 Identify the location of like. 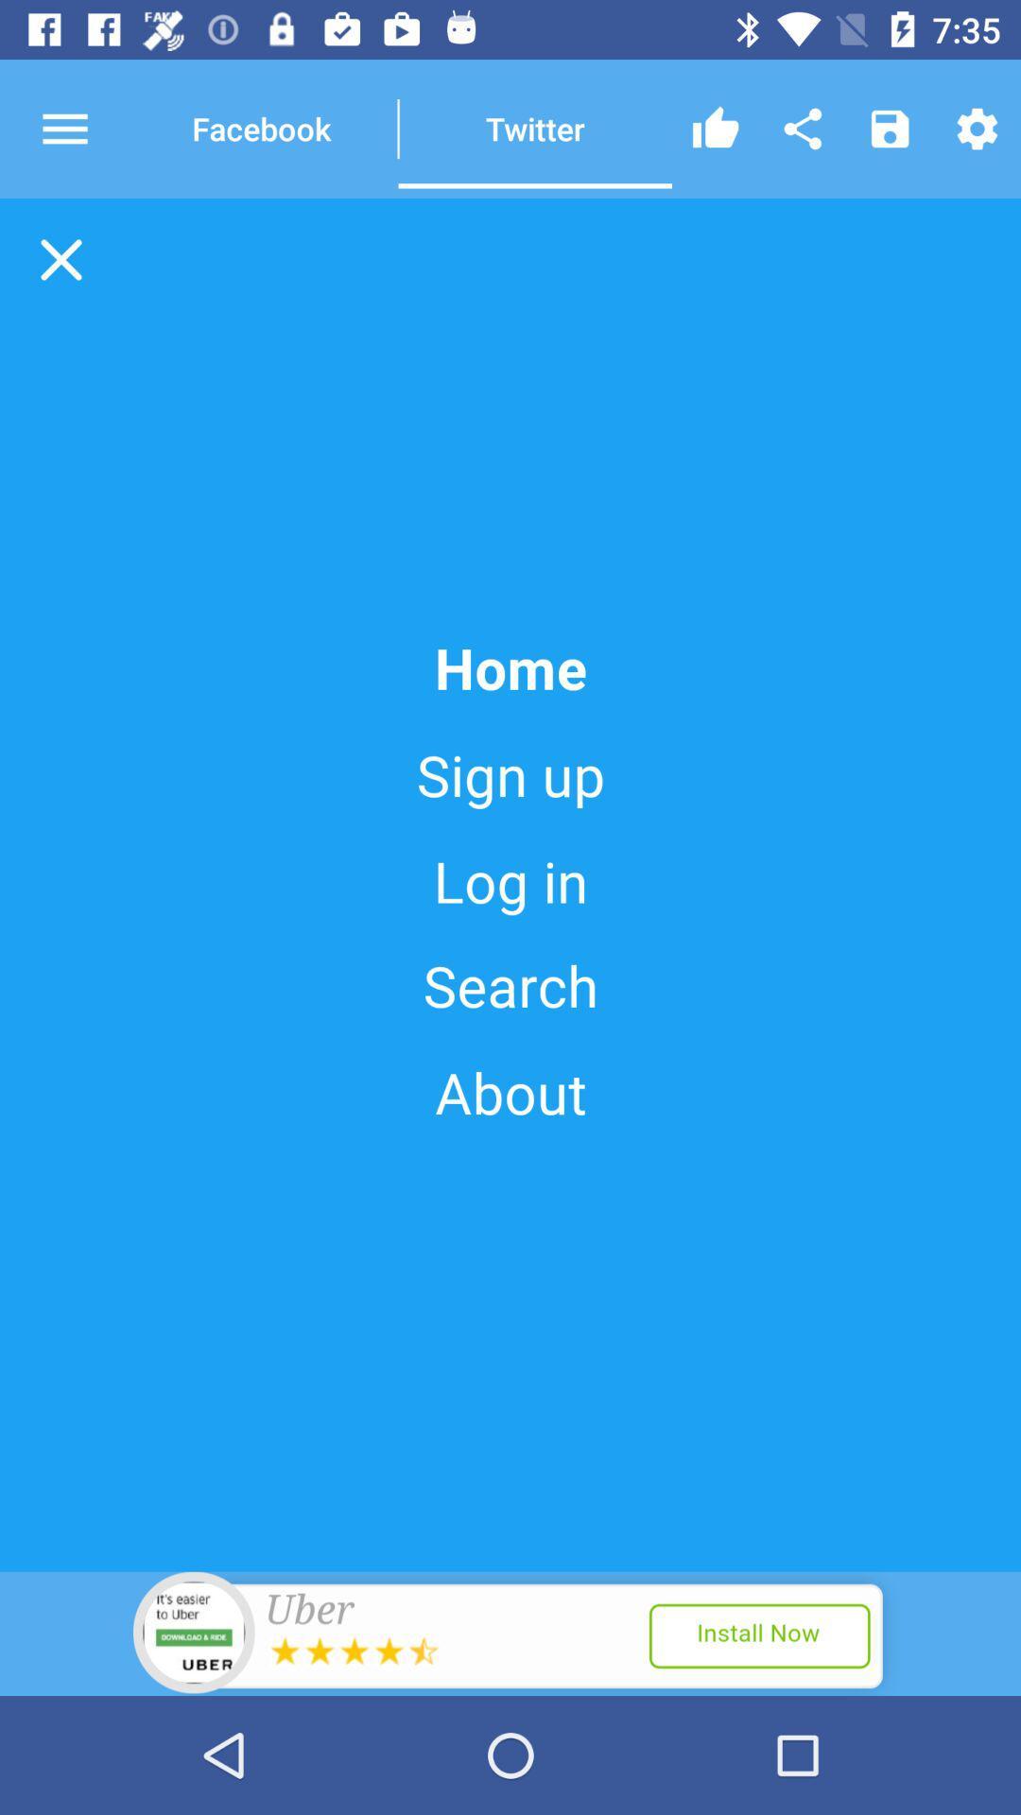
(716, 128).